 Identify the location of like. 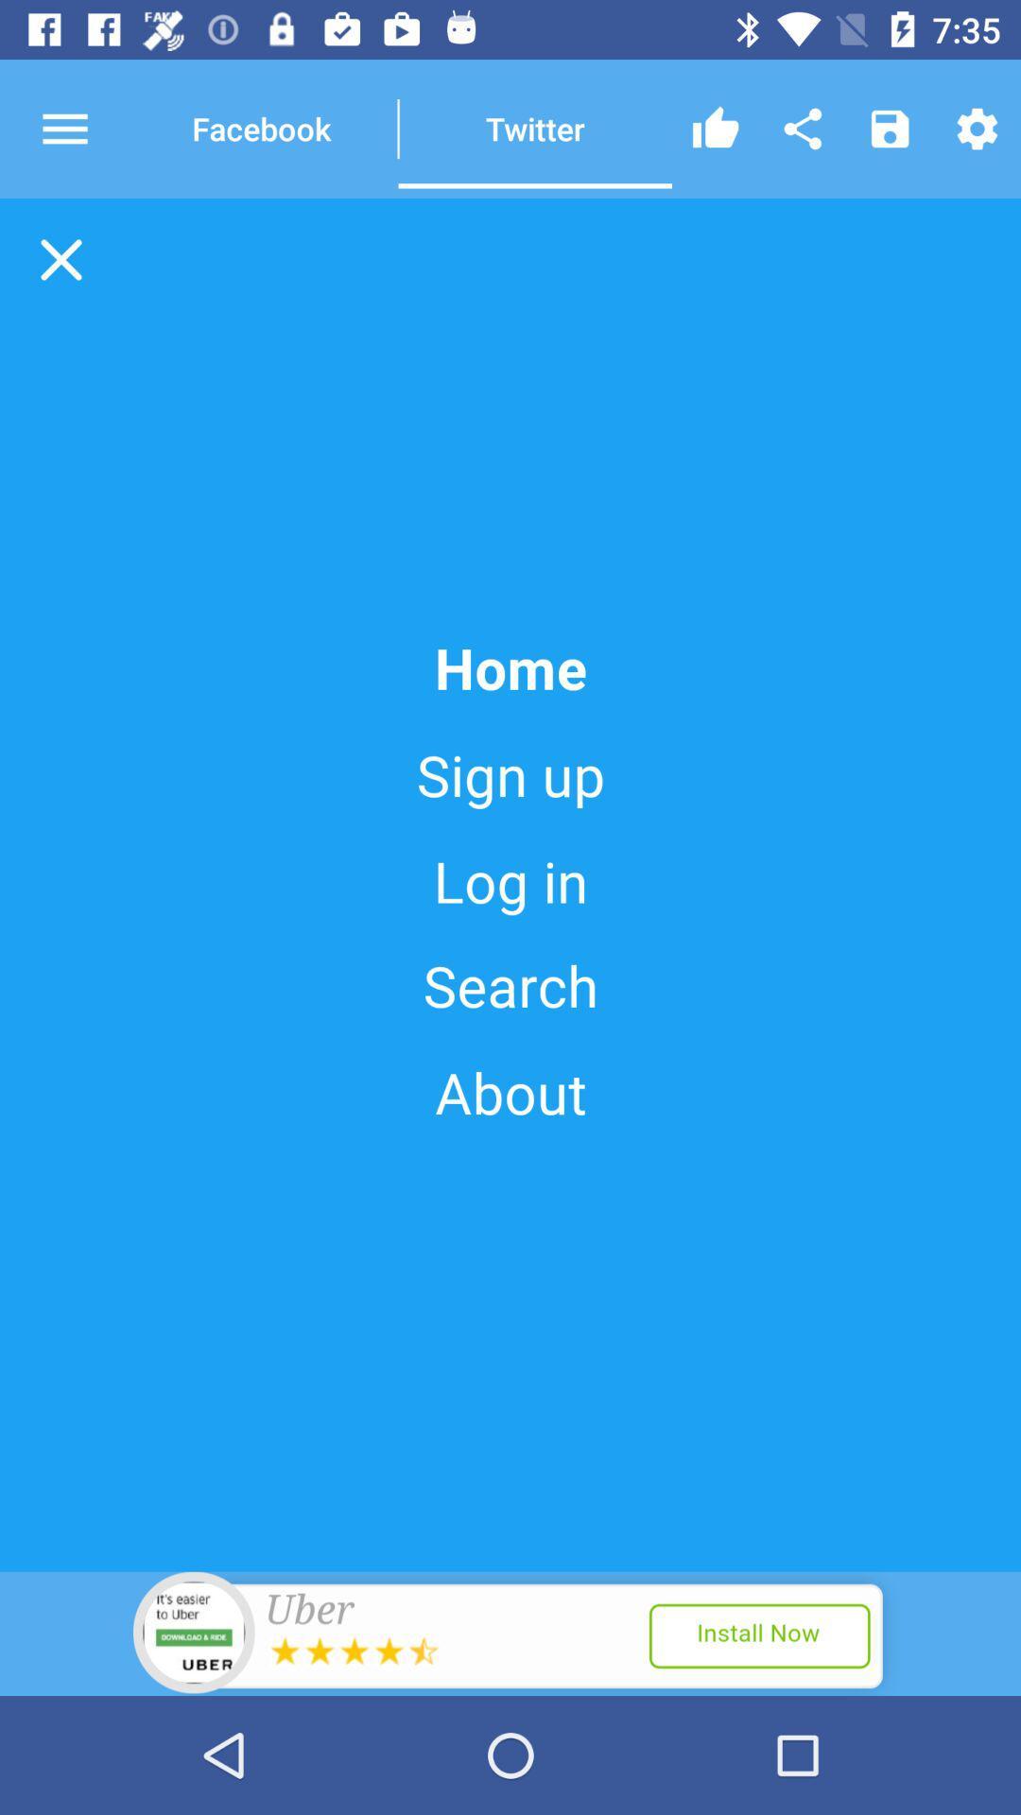
(716, 128).